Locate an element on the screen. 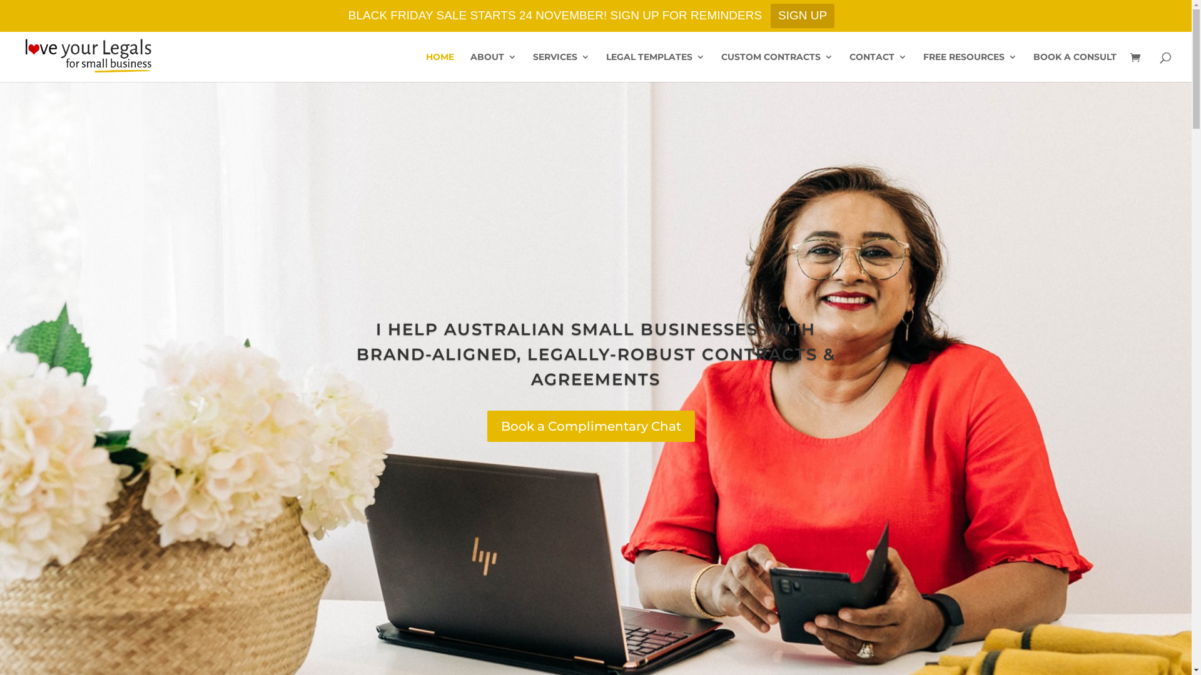 The width and height of the screenshot is (1201, 675). 'SERVICES' is located at coordinates (560, 67).